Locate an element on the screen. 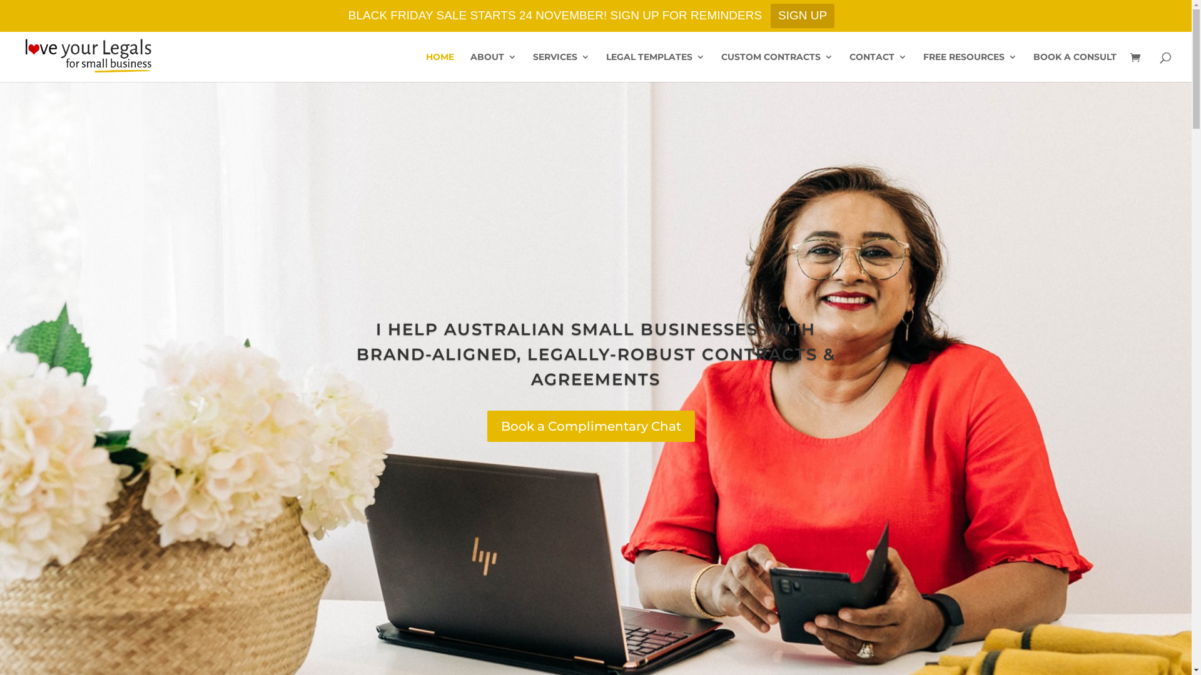 The width and height of the screenshot is (1201, 675). 'SERVICES' is located at coordinates (560, 67).